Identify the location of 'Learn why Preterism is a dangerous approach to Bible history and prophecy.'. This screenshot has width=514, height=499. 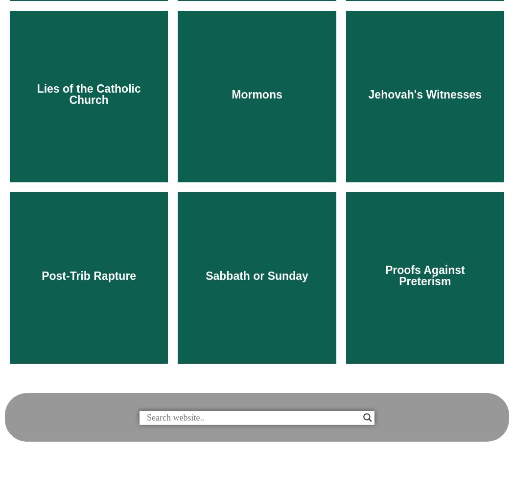
(424, 449).